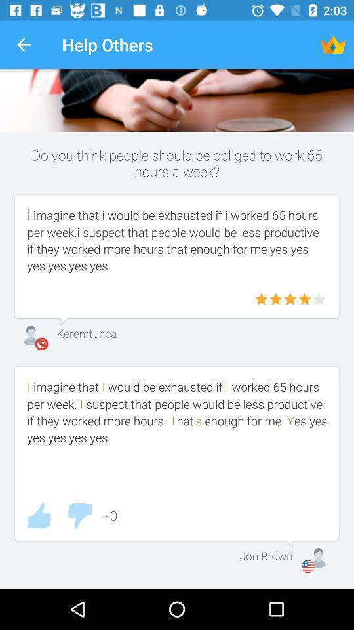  Describe the element at coordinates (333, 45) in the screenshot. I see `item at the top right corner` at that location.